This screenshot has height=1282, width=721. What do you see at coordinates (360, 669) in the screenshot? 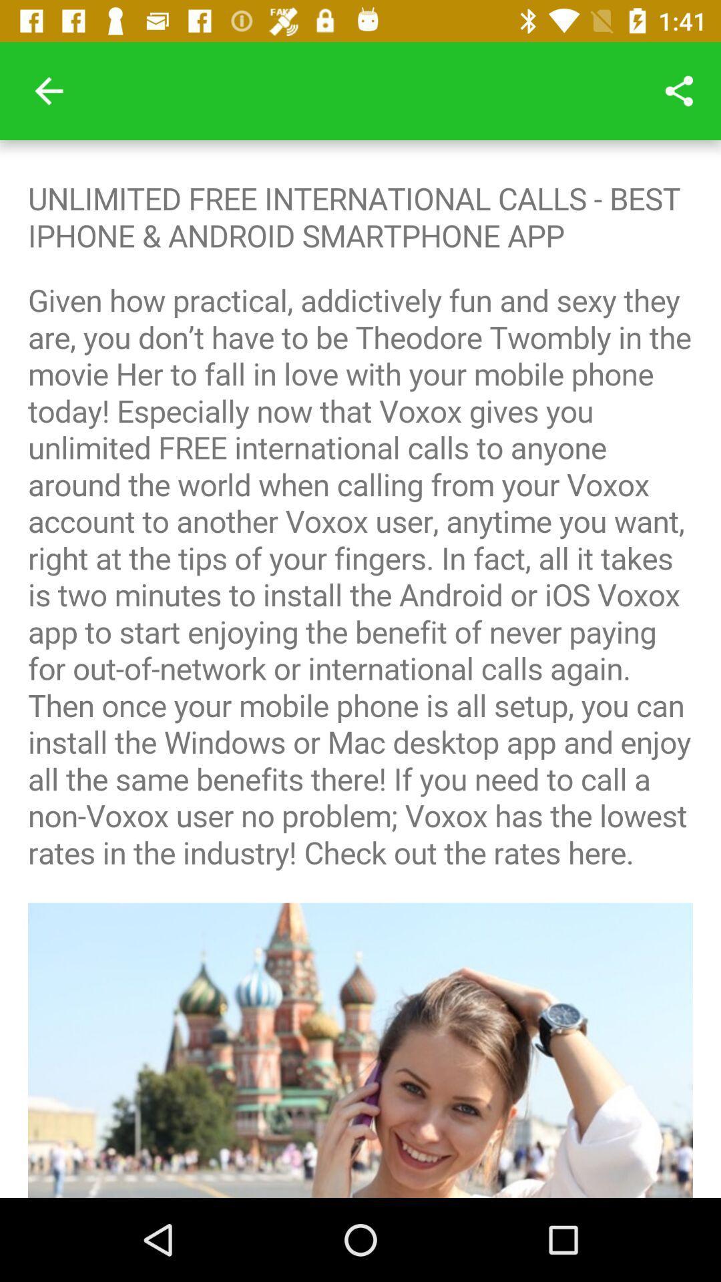
I see `description` at bounding box center [360, 669].